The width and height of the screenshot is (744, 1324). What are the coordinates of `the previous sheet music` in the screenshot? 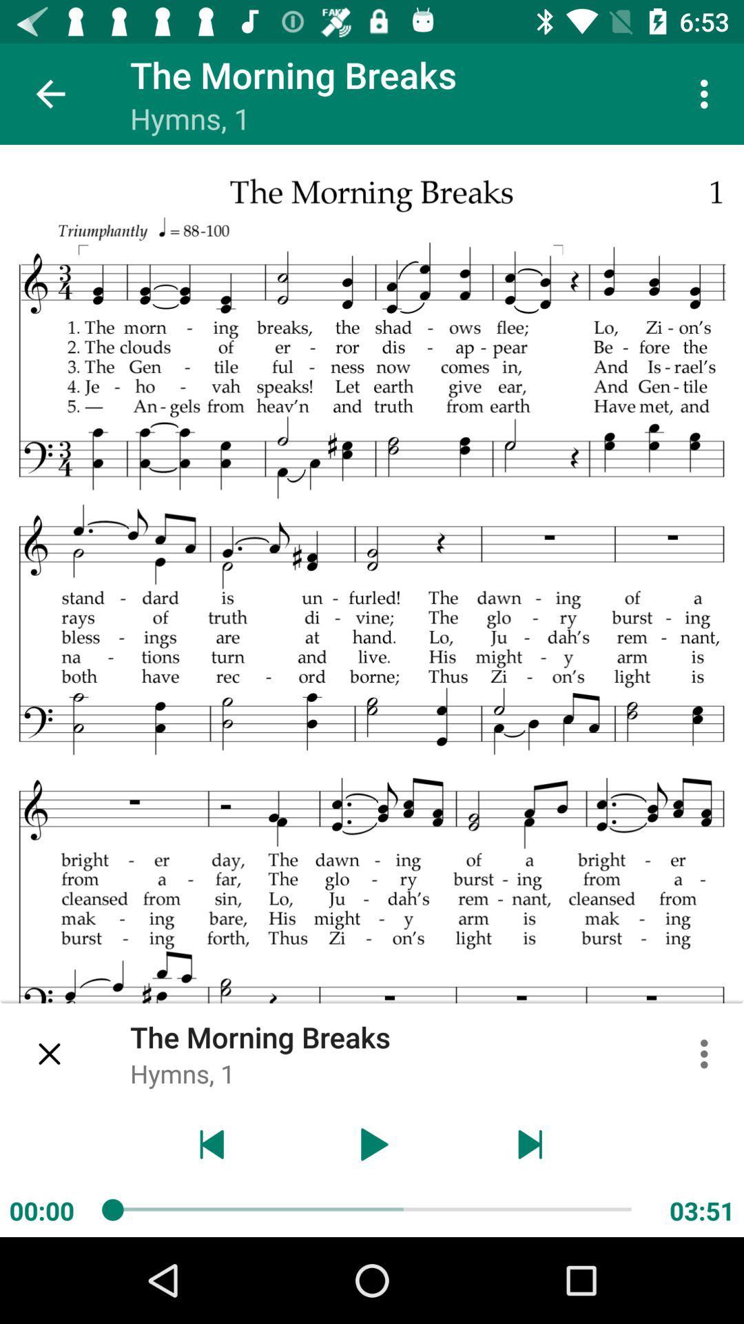 It's located at (212, 1144).